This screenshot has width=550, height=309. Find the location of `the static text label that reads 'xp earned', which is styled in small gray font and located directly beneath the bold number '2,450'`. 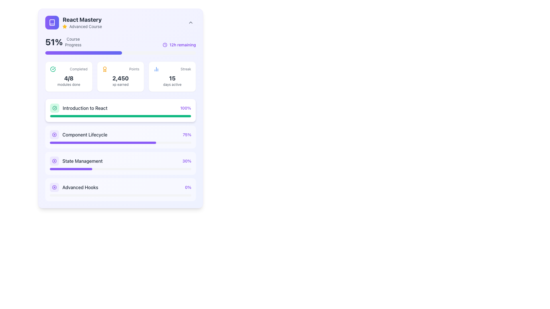

the static text label that reads 'xp earned', which is styled in small gray font and located directly beneath the bold number '2,450' is located at coordinates (120, 85).